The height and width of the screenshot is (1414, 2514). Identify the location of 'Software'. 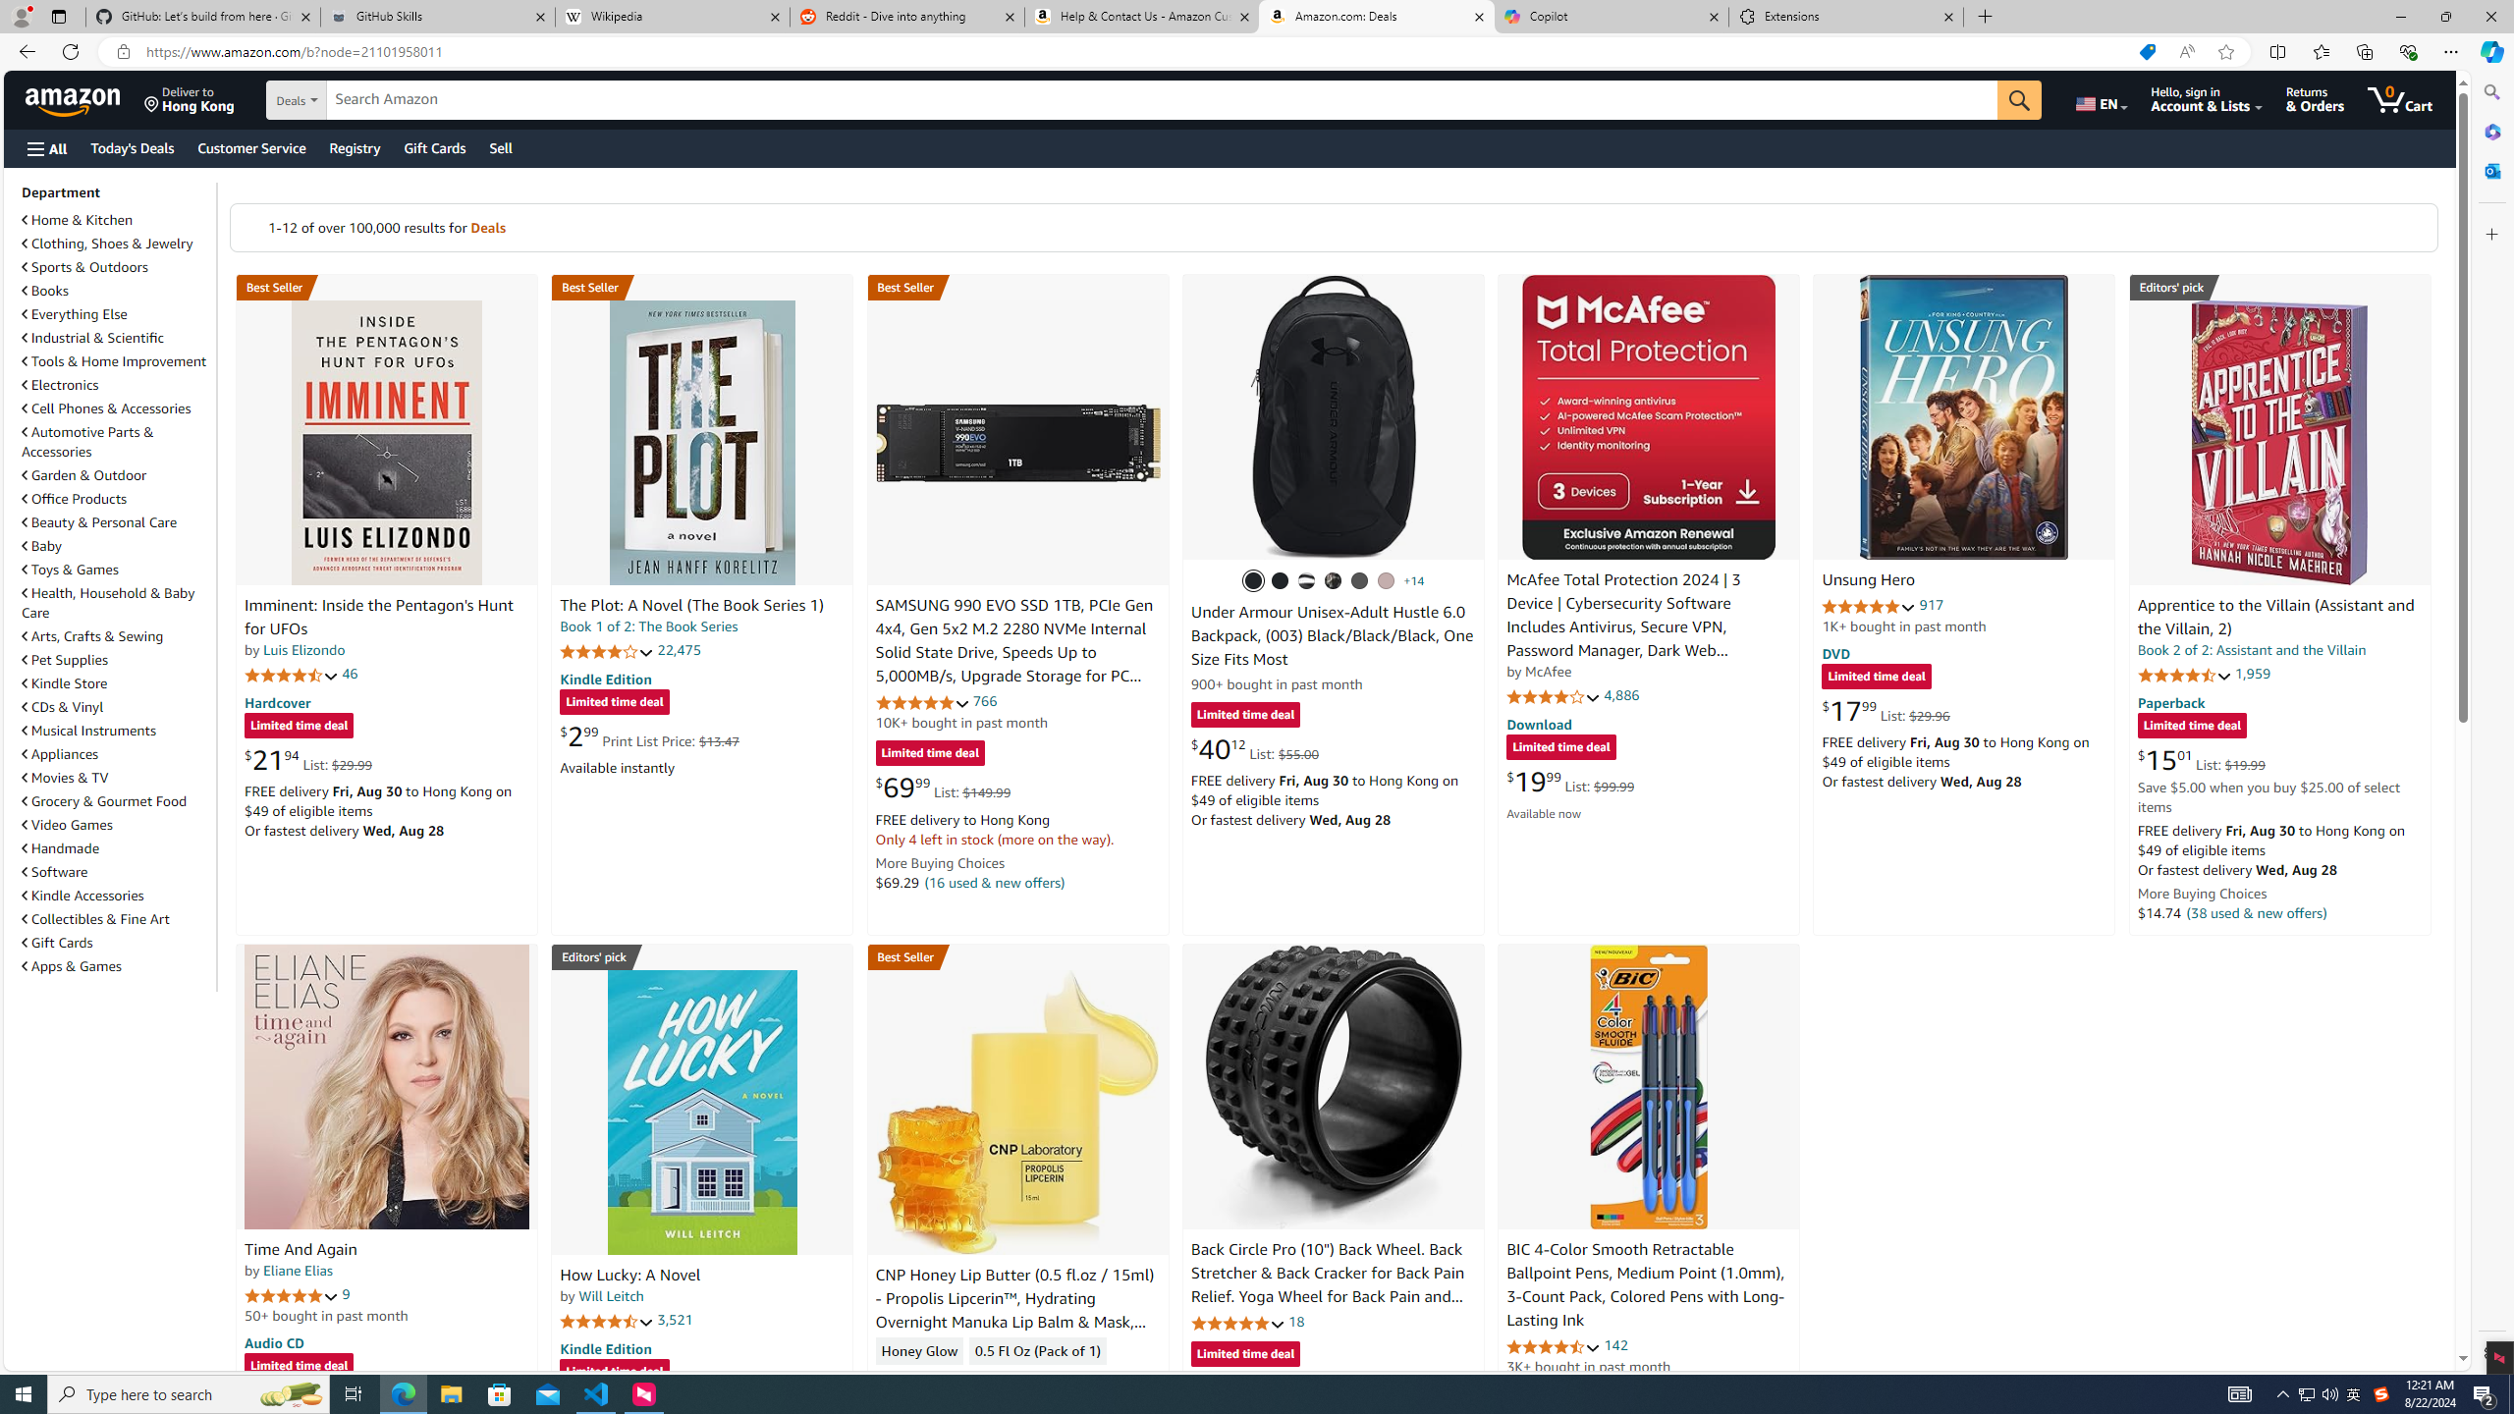
(55, 870).